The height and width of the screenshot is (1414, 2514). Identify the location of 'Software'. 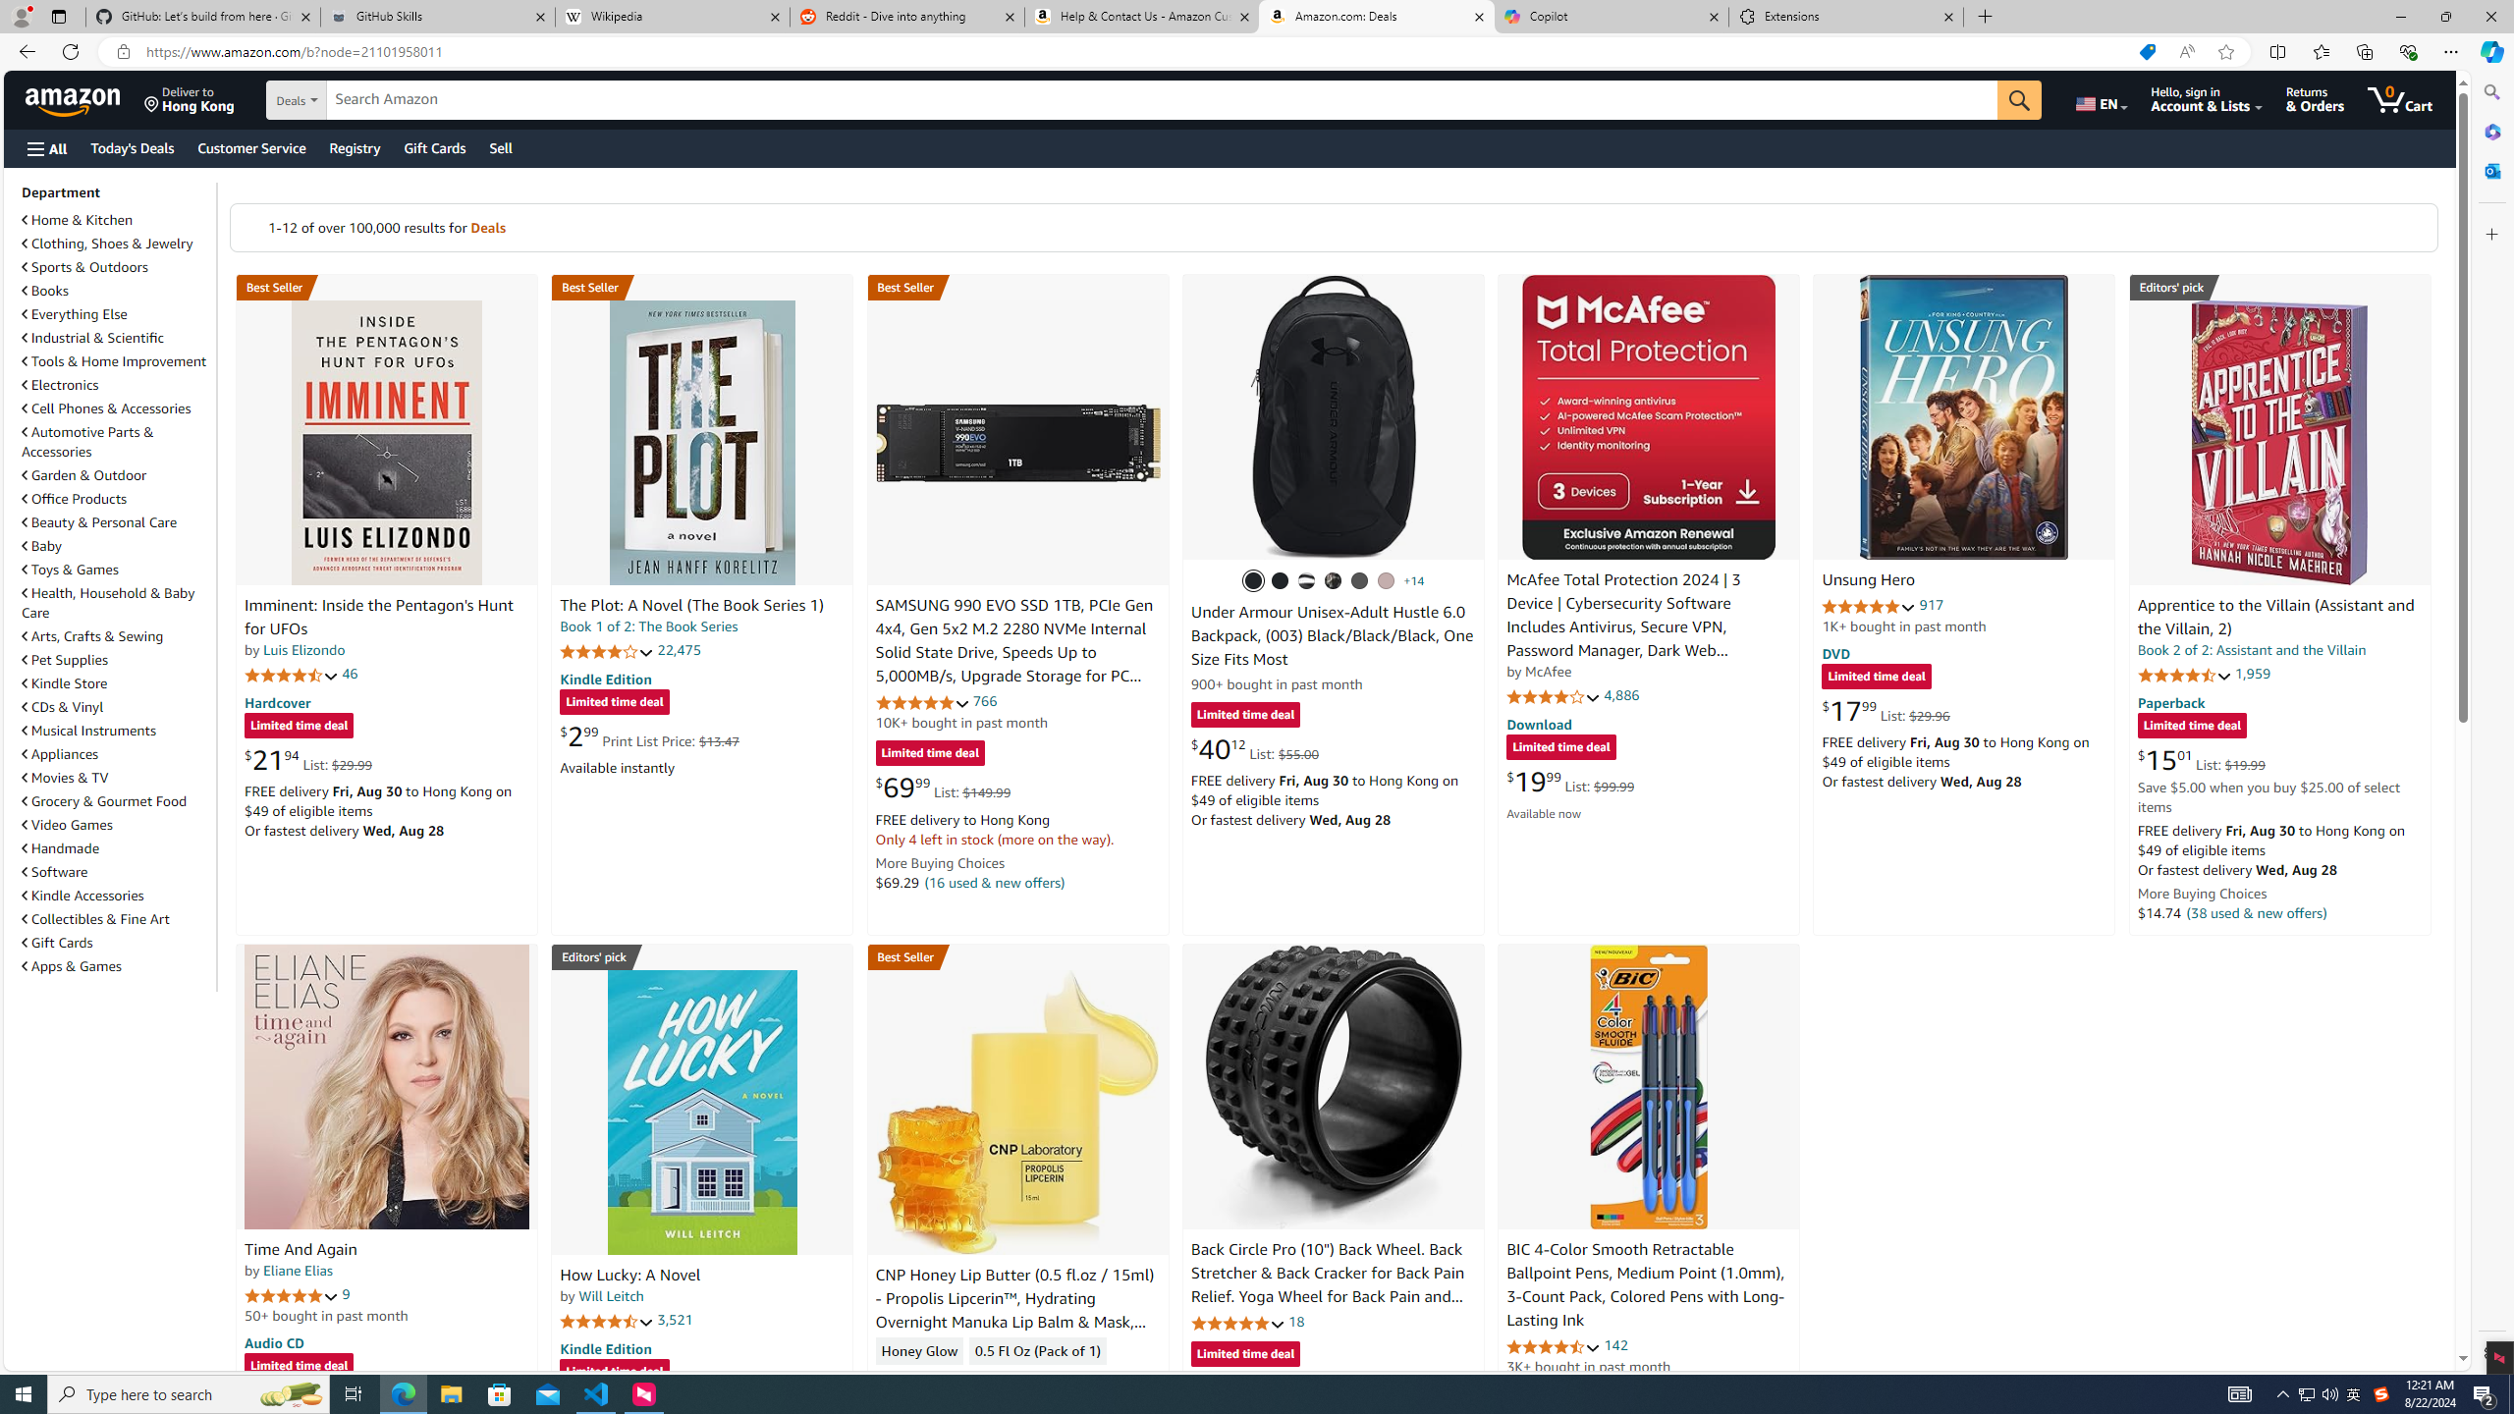
(55, 870).